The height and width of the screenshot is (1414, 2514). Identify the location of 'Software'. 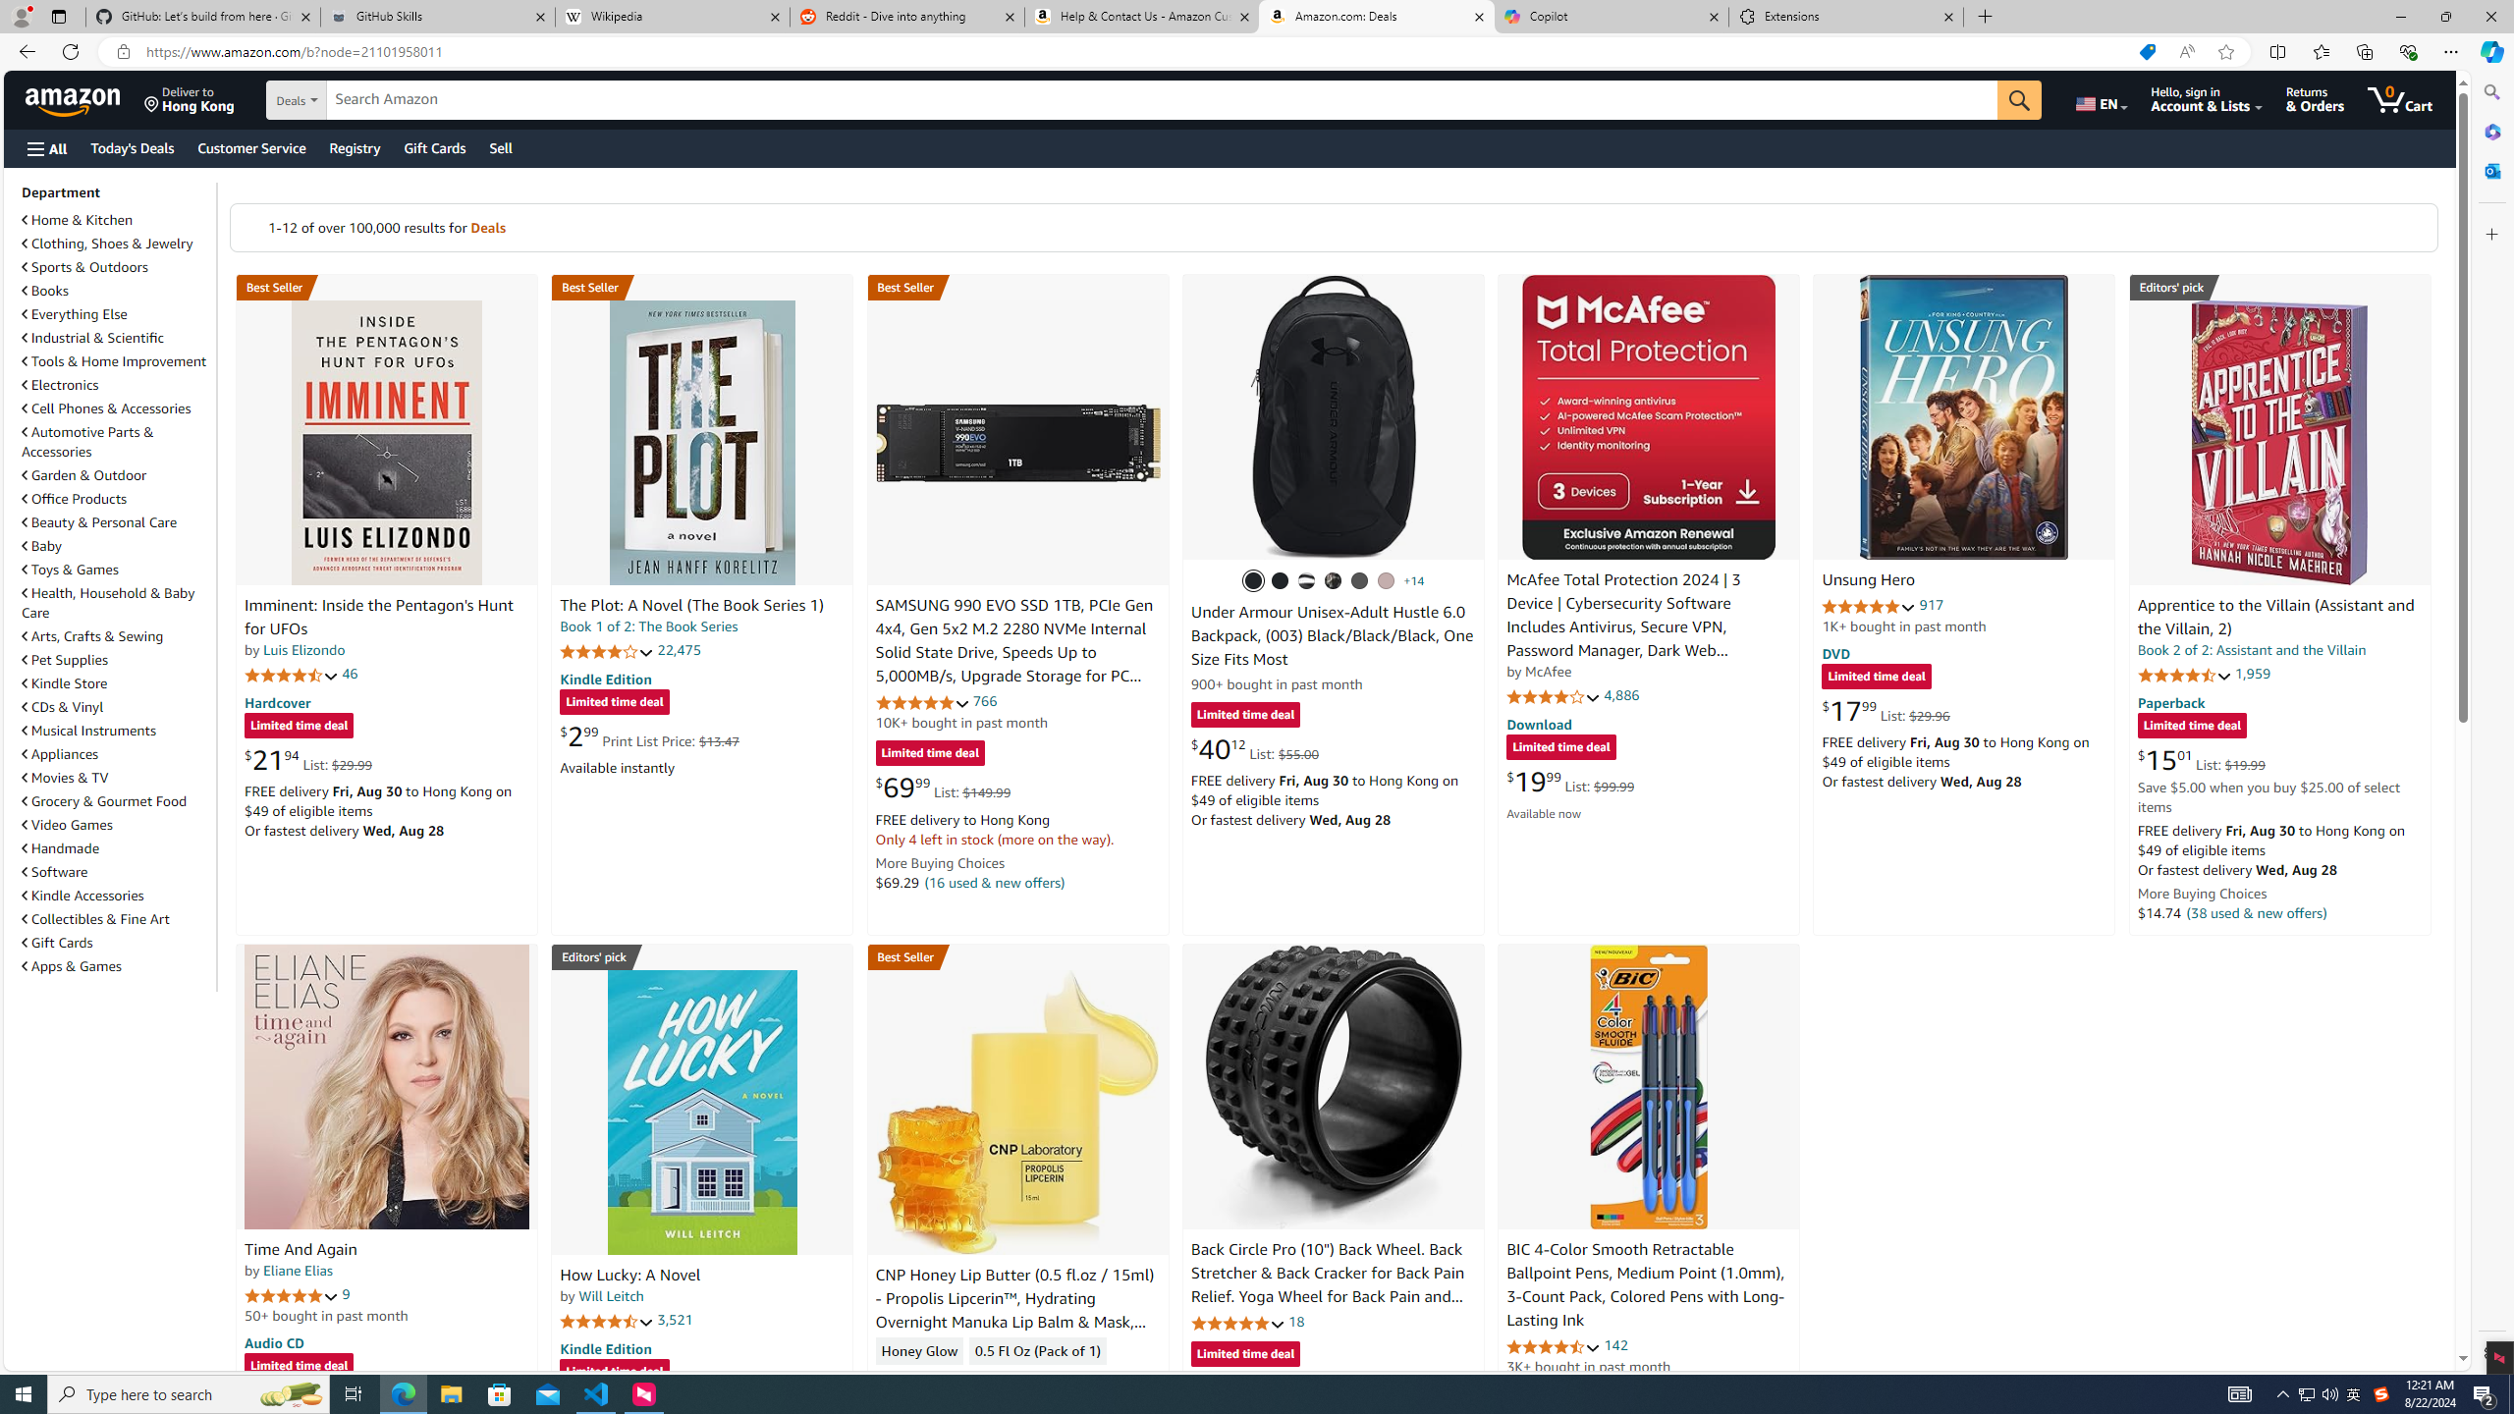
(55, 870).